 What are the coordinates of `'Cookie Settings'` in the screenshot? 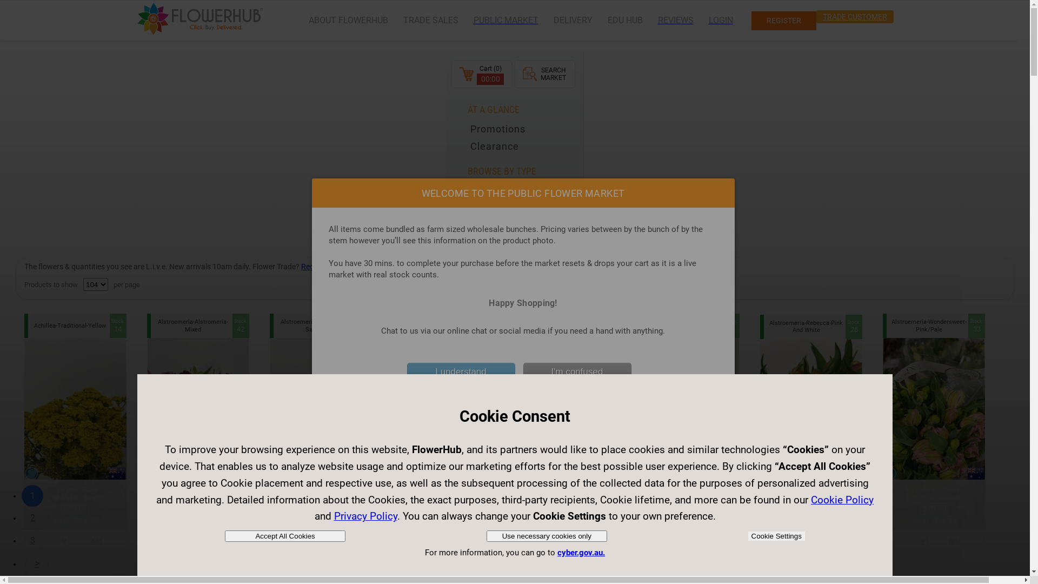 It's located at (776, 536).